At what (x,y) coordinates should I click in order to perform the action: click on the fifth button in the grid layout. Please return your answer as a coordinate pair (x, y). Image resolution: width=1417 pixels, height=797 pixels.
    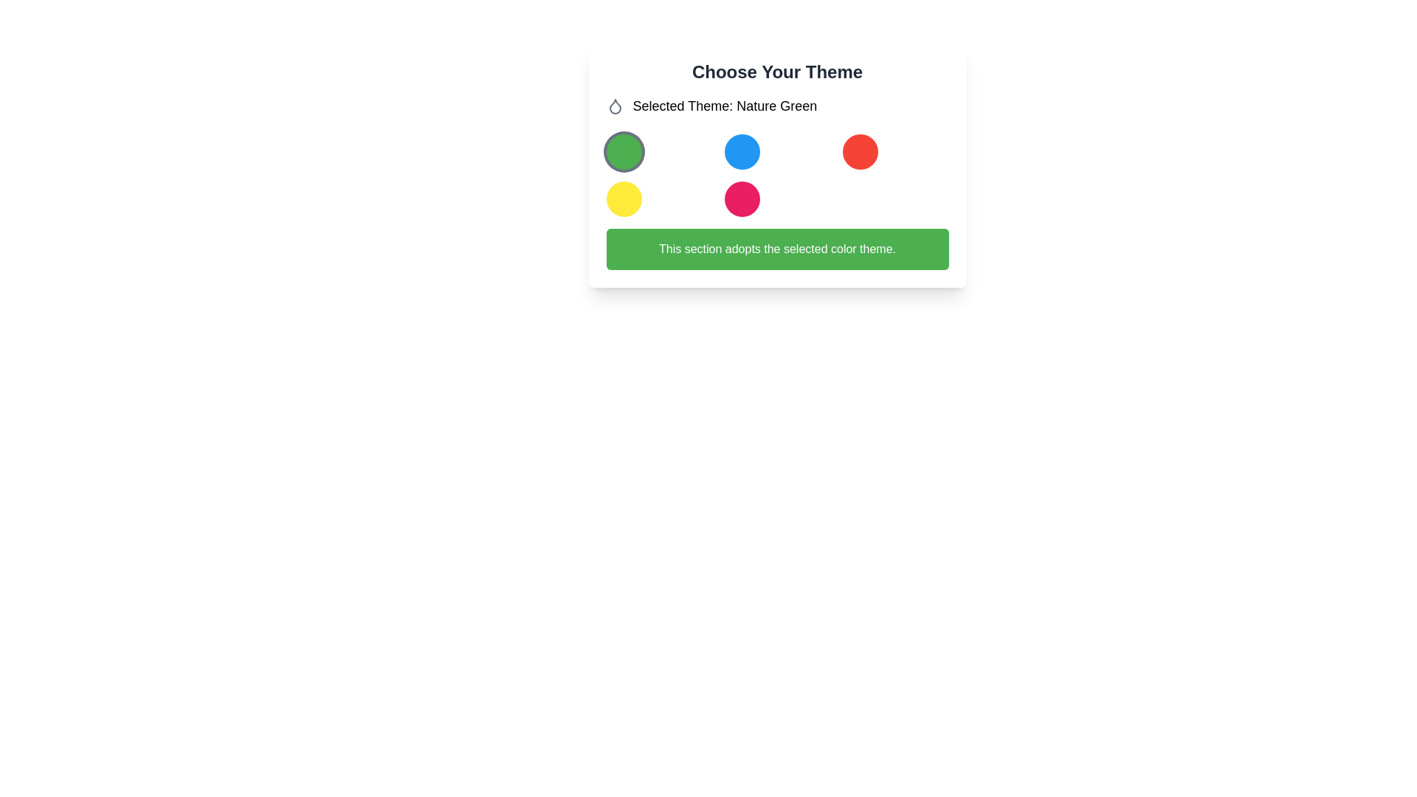
    Looking at the image, I should click on (742, 199).